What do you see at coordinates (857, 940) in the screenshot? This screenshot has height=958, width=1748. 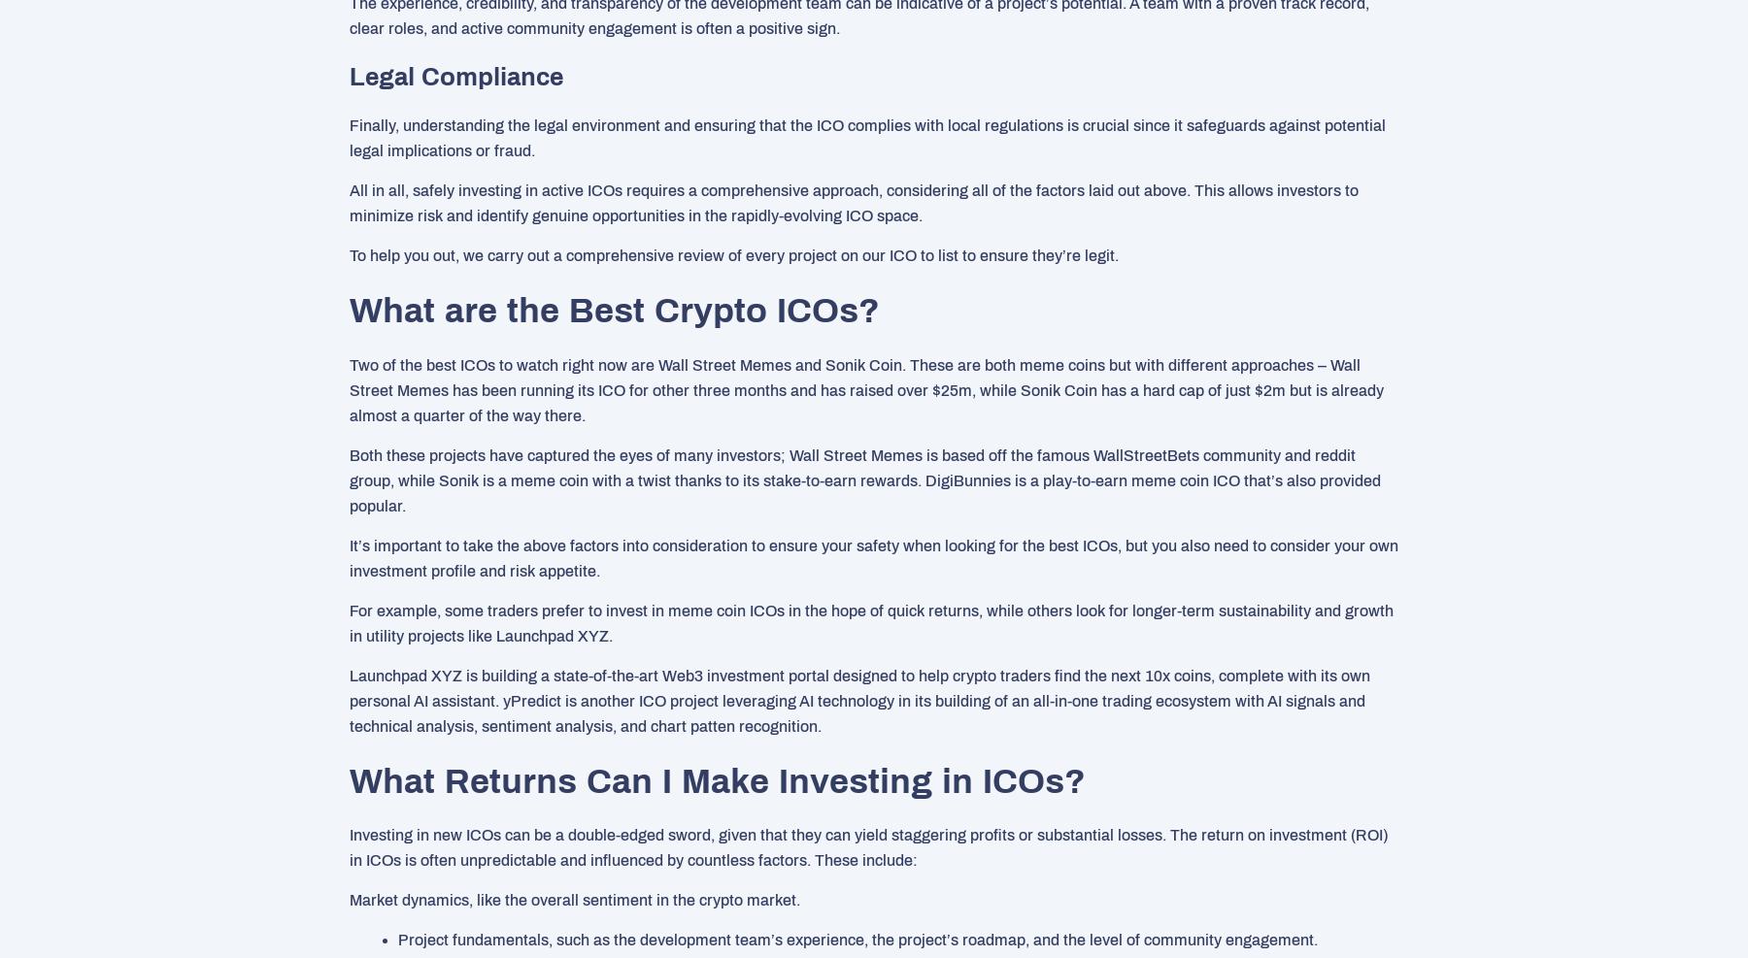 I see `'Project fundamentals, such as the development team’s experience, the project’s roadmap, and the level of community engagement.'` at bounding box center [857, 940].